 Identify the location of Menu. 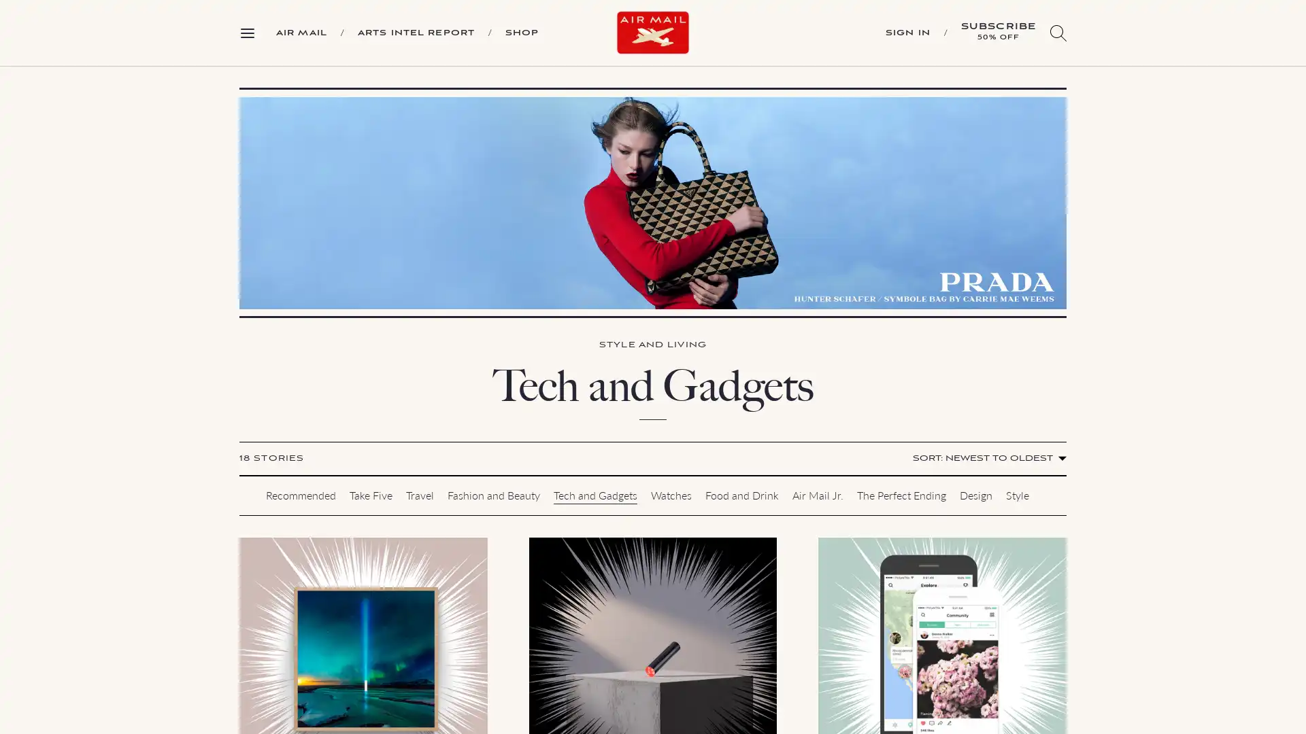
(252, 31).